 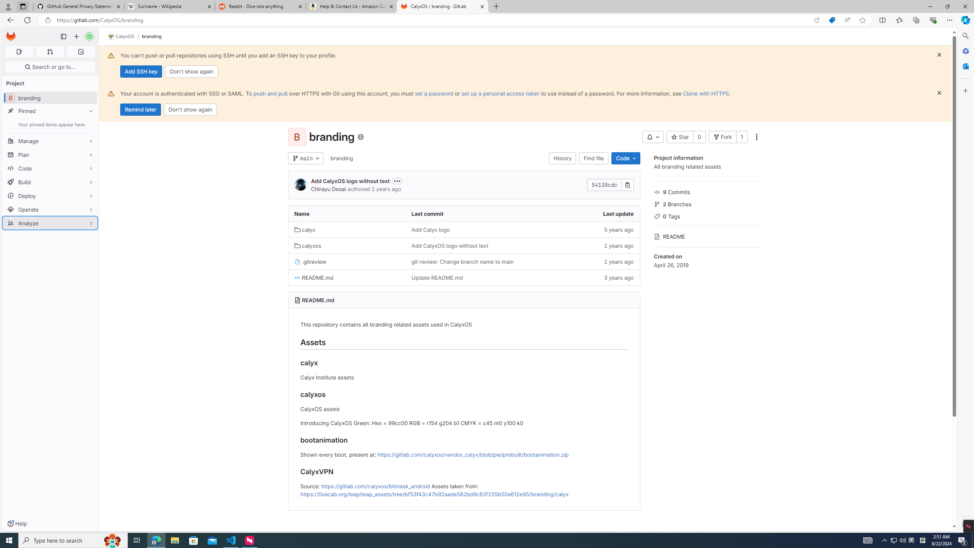 What do you see at coordinates (49, 182) in the screenshot?
I see `'Build'` at bounding box center [49, 182].